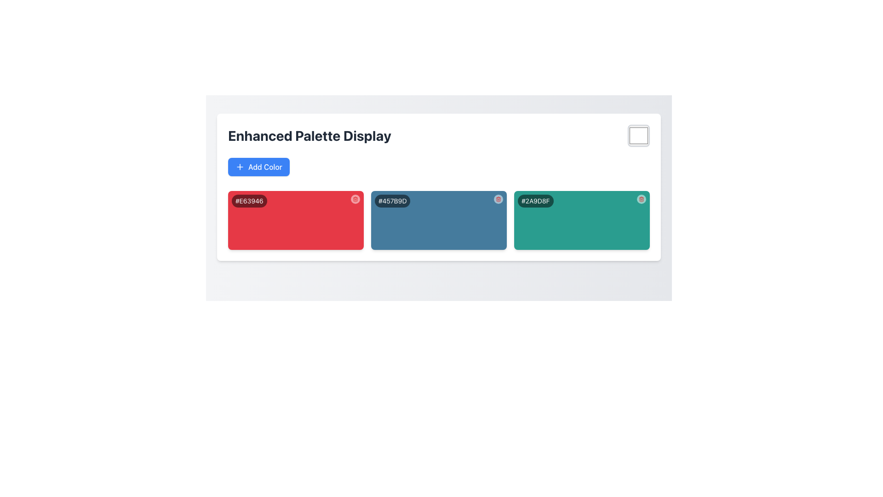  What do you see at coordinates (296, 220) in the screenshot?
I see `the leftmost color palette display rectangle showcasing red color` at bounding box center [296, 220].